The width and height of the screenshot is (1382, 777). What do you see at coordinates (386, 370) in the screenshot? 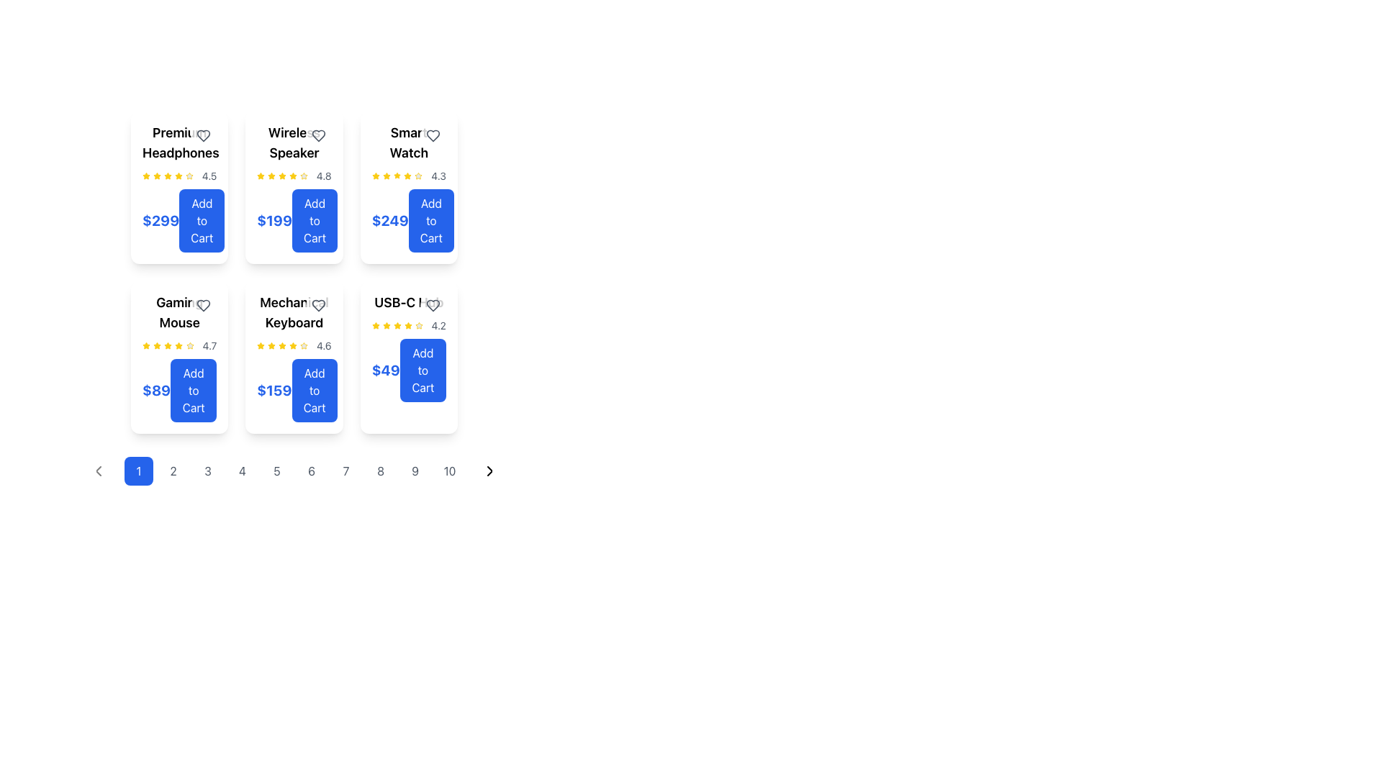
I see `the displayed price '$49' in the card layout for the 'USB-C Hub' product, located to the left of the 'Add to Cart' button` at bounding box center [386, 370].